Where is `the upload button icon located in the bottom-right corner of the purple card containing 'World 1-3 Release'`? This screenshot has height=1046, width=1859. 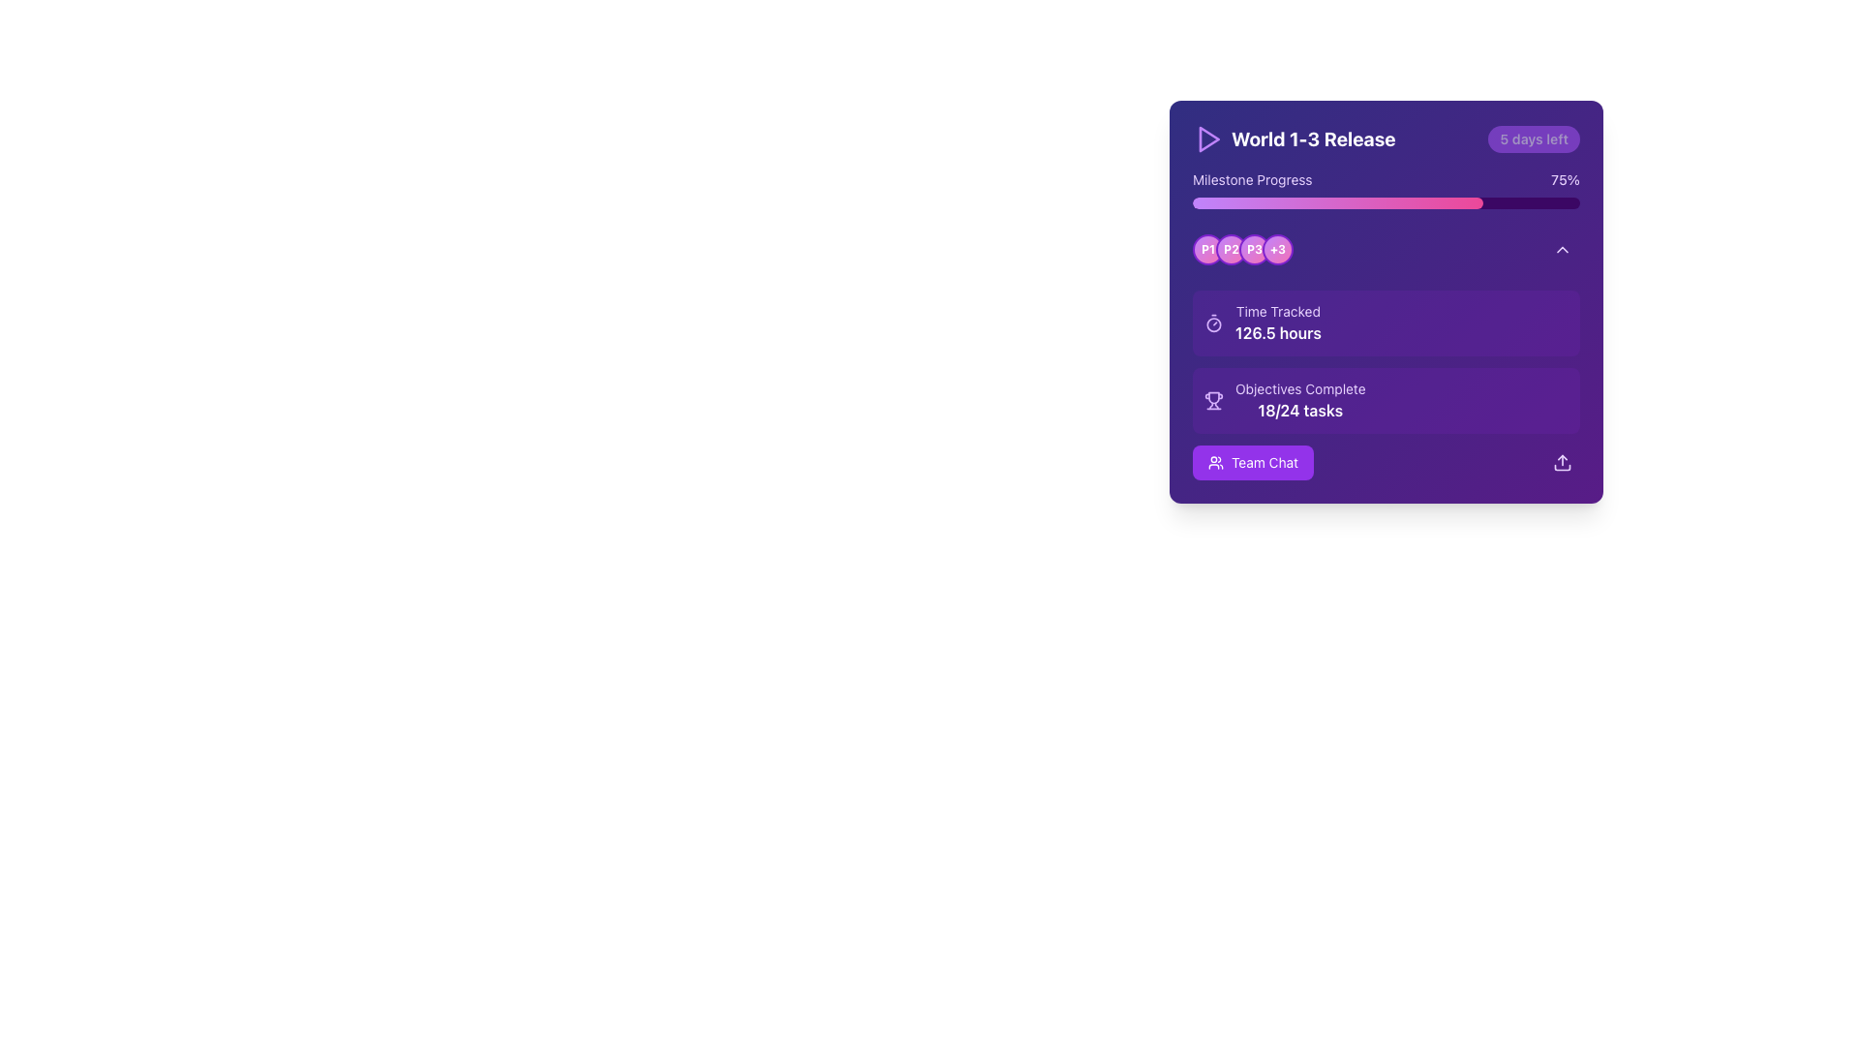 the upload button icon located in the bottom-right corner of the purple card containing 'World 1-3 Release' is located at coordinates (1562, 463).